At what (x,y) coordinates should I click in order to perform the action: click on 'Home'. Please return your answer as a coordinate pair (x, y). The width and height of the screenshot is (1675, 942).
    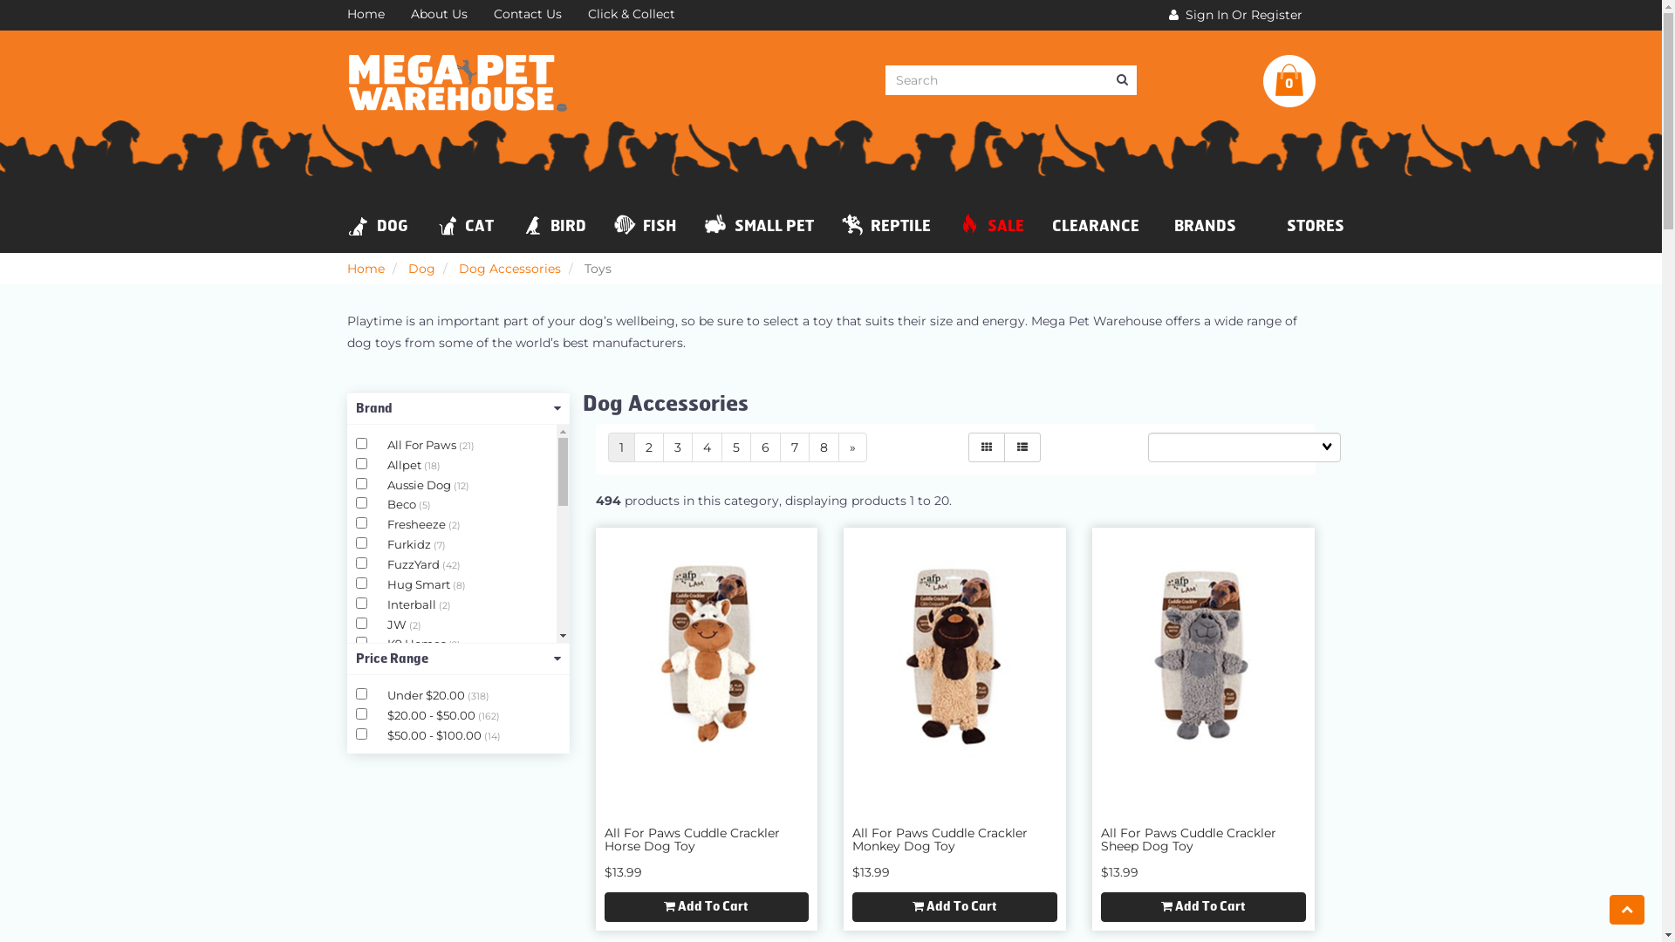
    Looking at the image, I should click on (364, 15).